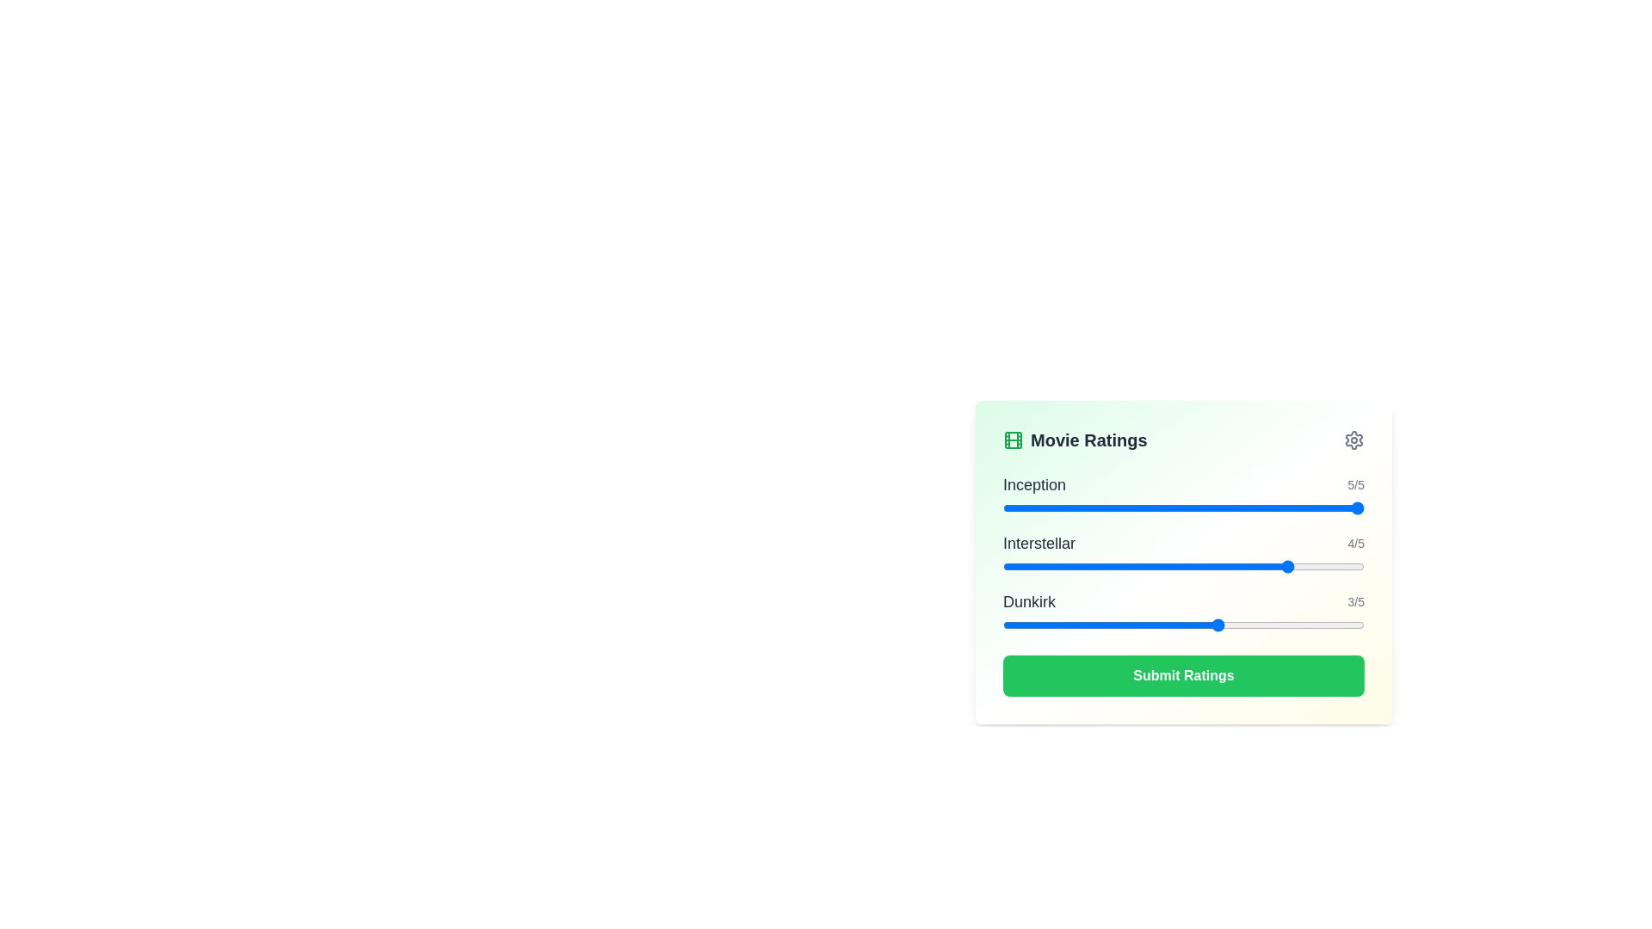  What do you see at coordinates (1003, 567) in the screenshot?
I see `the slider` at bounding box center [1003, 567].